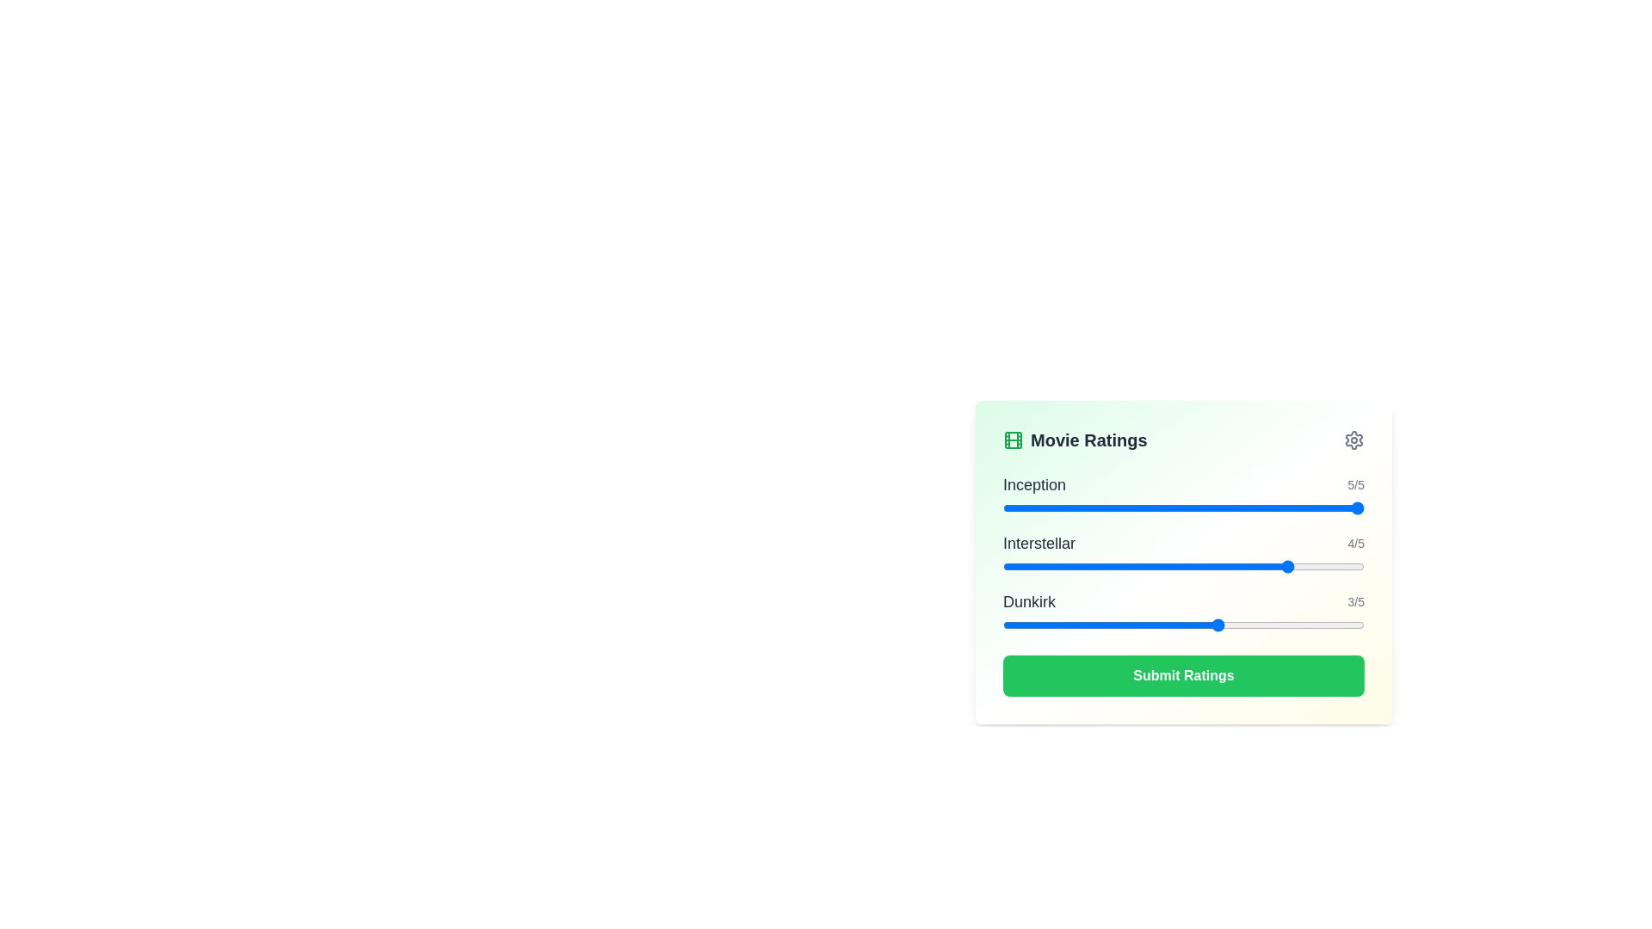  What do you see at coordinates (1003, 567) in the screenshot?
I see `the slider` at bounding box center [1003, 567].